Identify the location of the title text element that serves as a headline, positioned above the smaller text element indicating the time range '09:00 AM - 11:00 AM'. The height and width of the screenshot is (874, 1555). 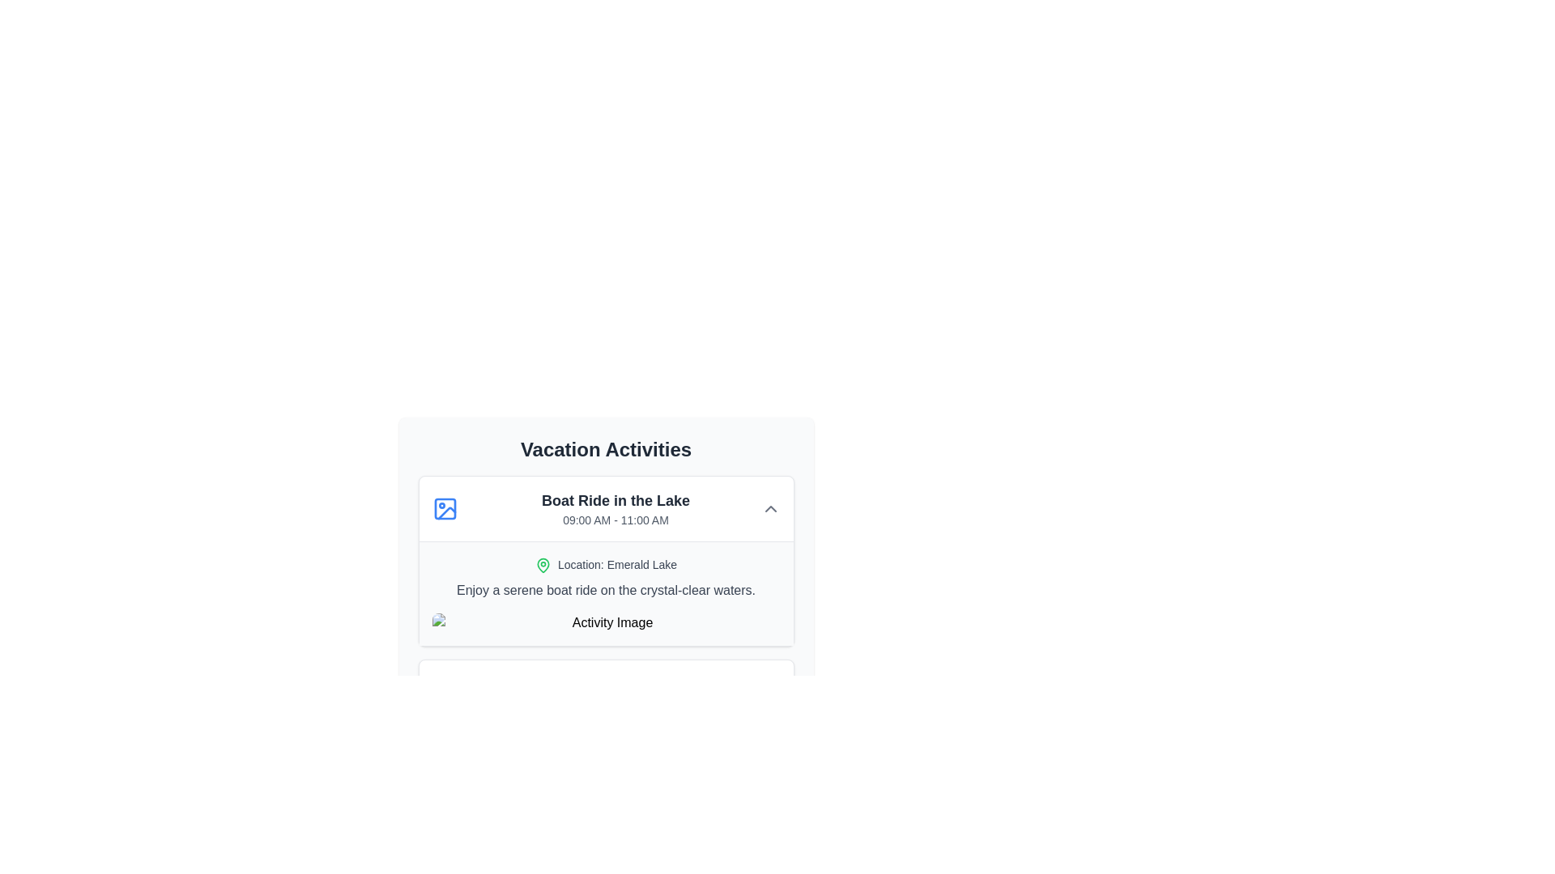
(615, 499).